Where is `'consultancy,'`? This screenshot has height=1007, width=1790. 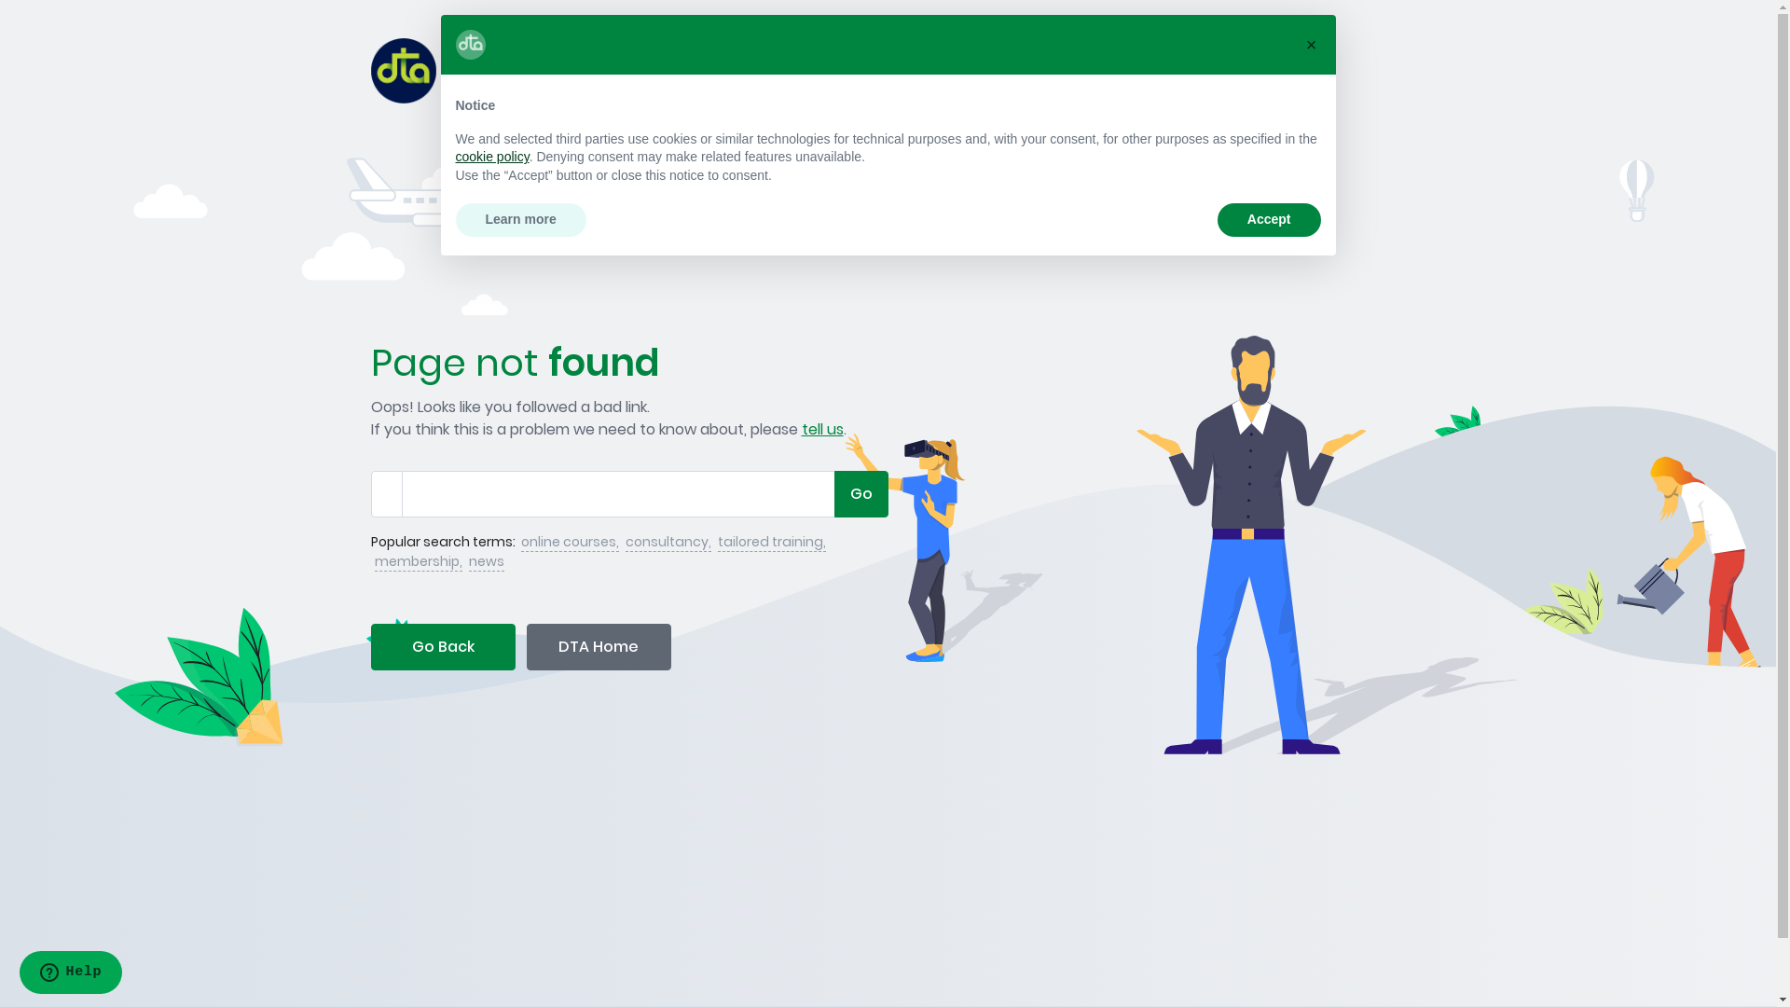 'consultancy,' is located at coordinates (667, 542).